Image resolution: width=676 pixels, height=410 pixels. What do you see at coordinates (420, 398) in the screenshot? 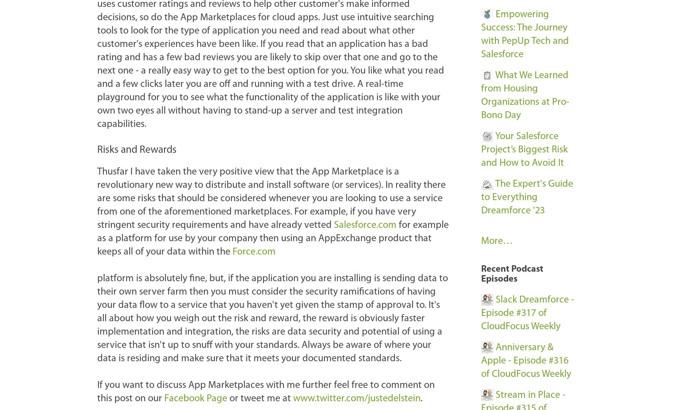
I see `'.'` at bounding box center [420, 398].